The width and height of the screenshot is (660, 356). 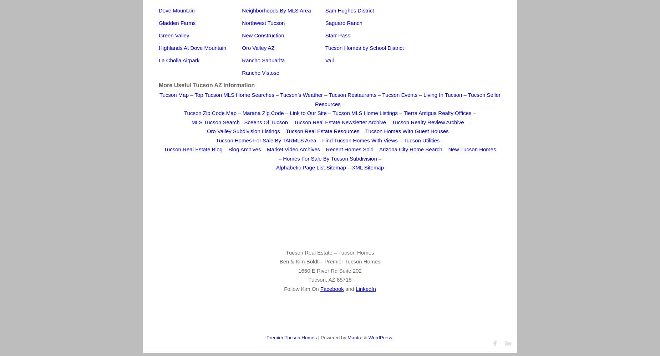 What do you see at coordinates (367, 167) in the screenshot?
I see `'XML Sitemap'` at bounding box center [367, 167].